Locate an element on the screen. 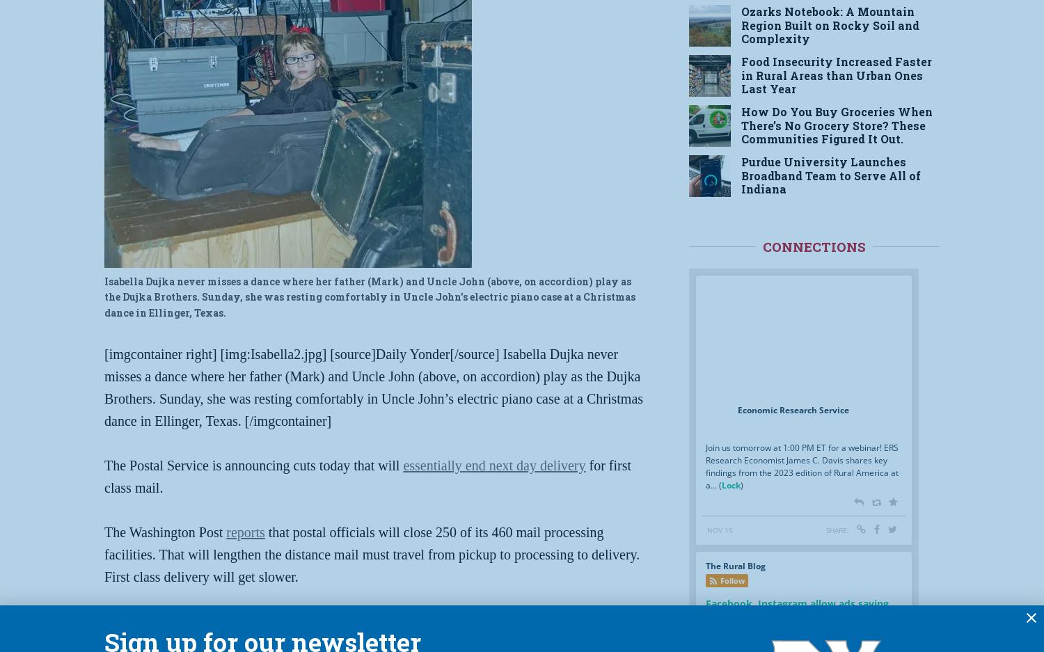 The height and width of the screenshot is (652, 1044). 'reports' is located at coordinates (244, 532).